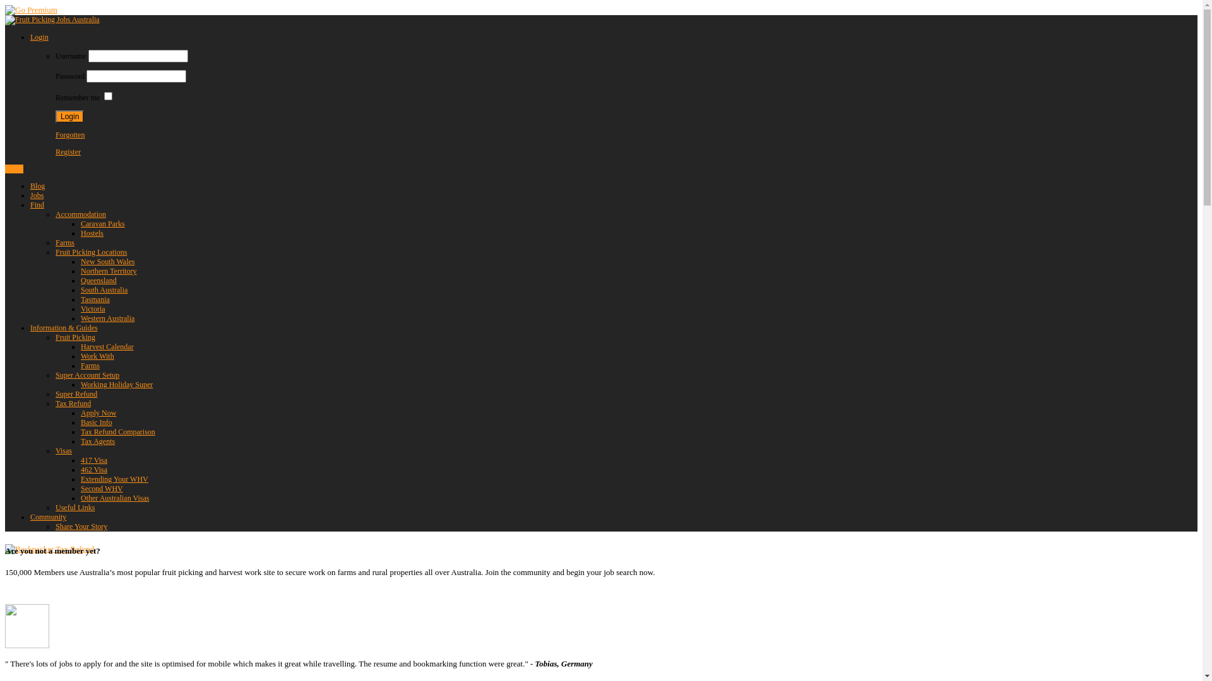  Describe the element at coordinates (81, 526) in the screenshot. I see `'Share Your Story'` at that location.